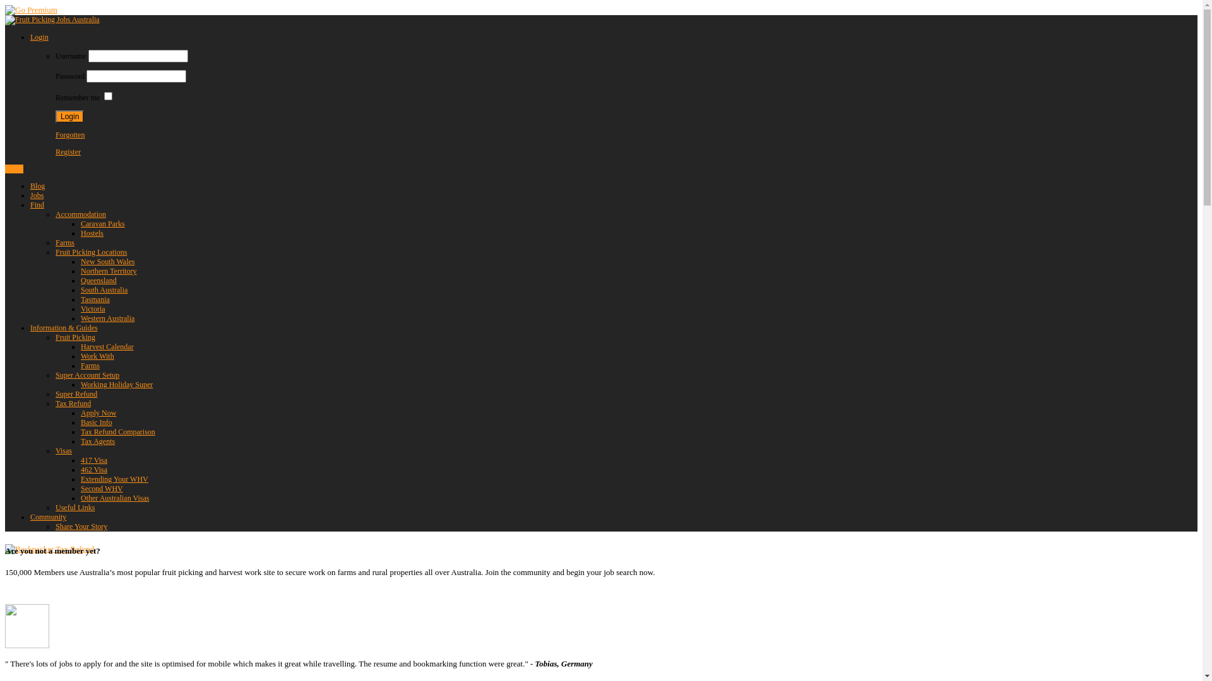  Describe the element at coordinates (81, 526) in the screenshot. I see `'Share Your Story'` at that location.